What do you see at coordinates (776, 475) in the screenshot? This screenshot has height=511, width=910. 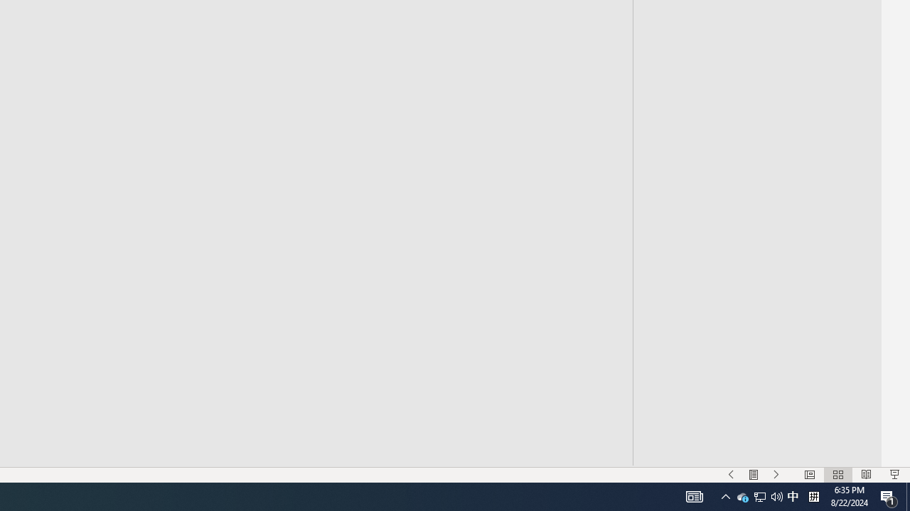 I see `'Slide Show Next On'` at bounding box center [776, 475].